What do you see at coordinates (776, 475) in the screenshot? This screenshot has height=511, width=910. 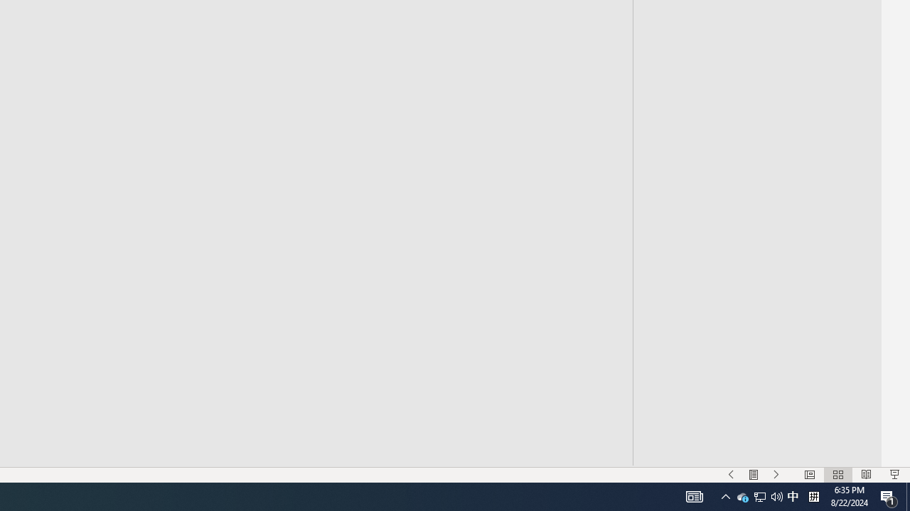 I see `'Slide Show Next On'` at bounding box center [776, 475].